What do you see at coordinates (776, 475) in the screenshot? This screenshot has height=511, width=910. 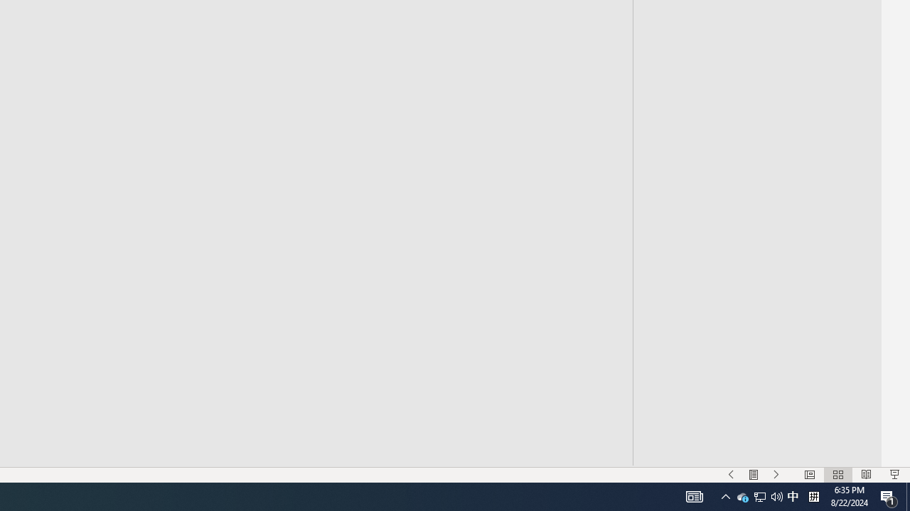 I see `'Slide Show Next On'` at bounding box center [776, 475].